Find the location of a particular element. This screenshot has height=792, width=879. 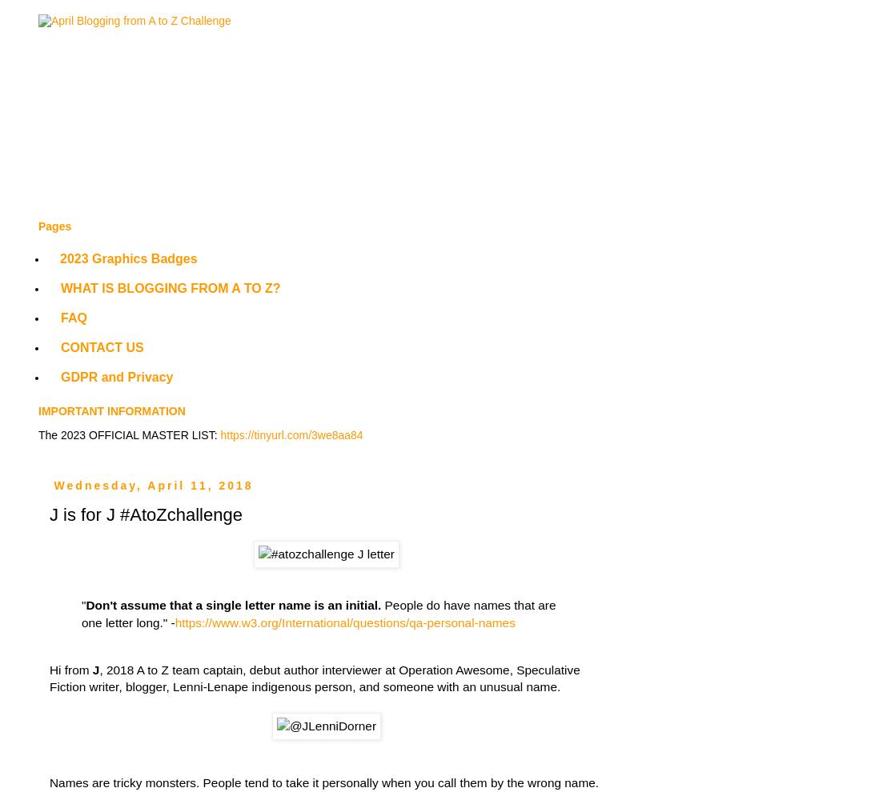

'GDPR and Privacy' is located at coordinates (117, 377).